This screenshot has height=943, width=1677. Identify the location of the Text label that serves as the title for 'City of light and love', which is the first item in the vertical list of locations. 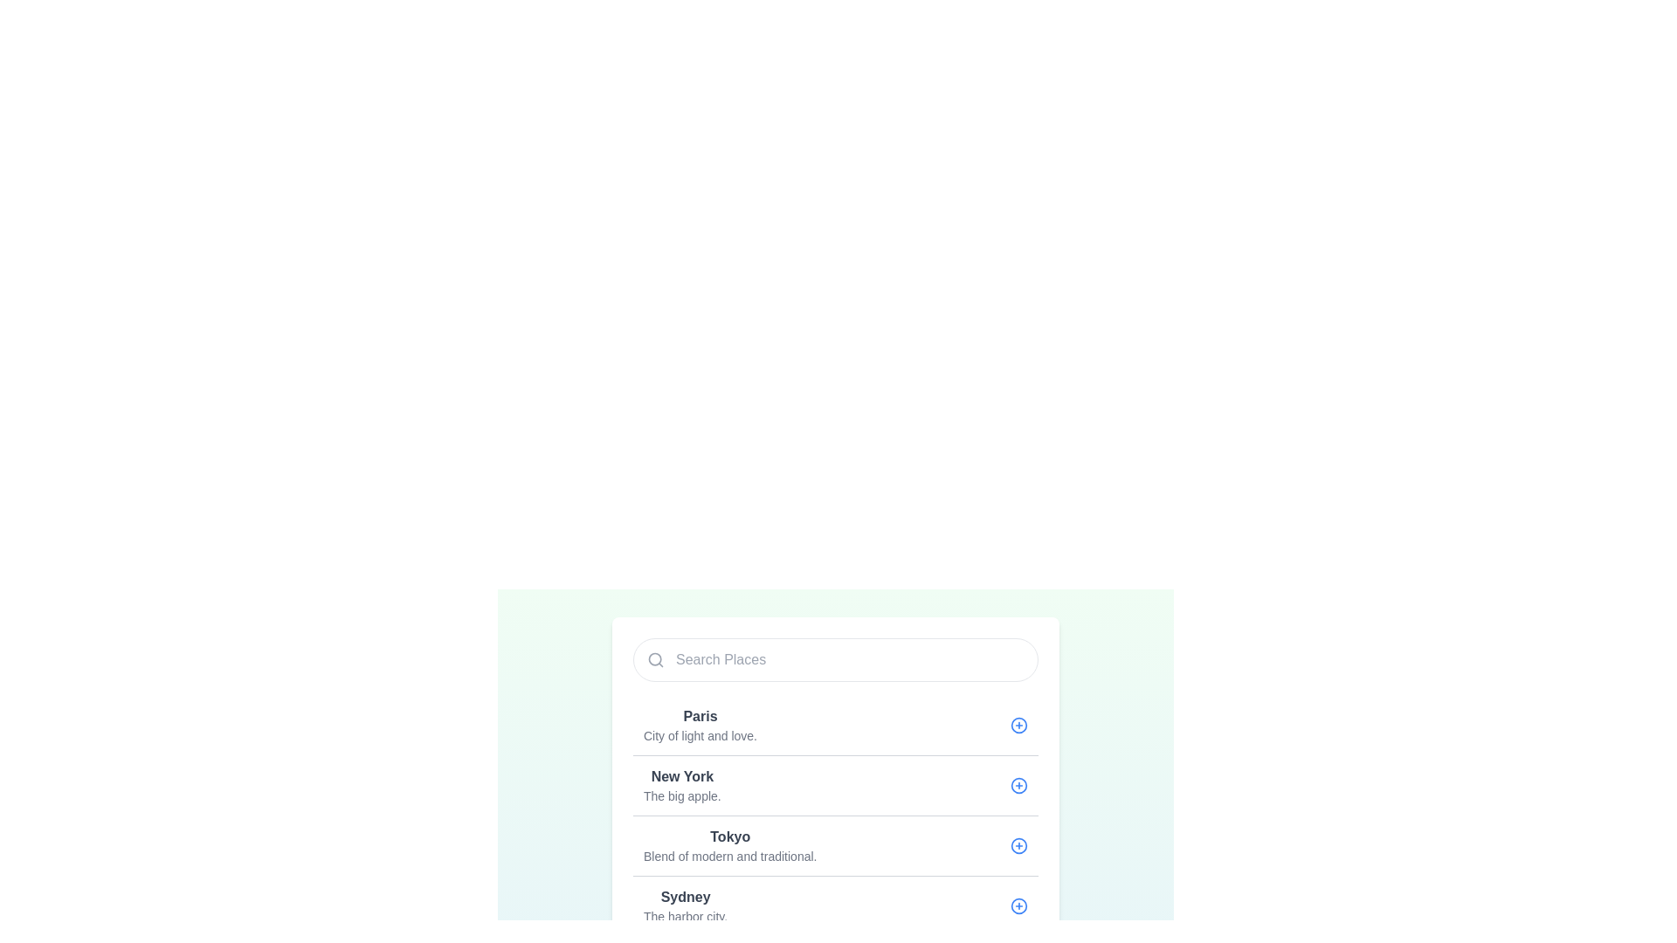
(700, 717).